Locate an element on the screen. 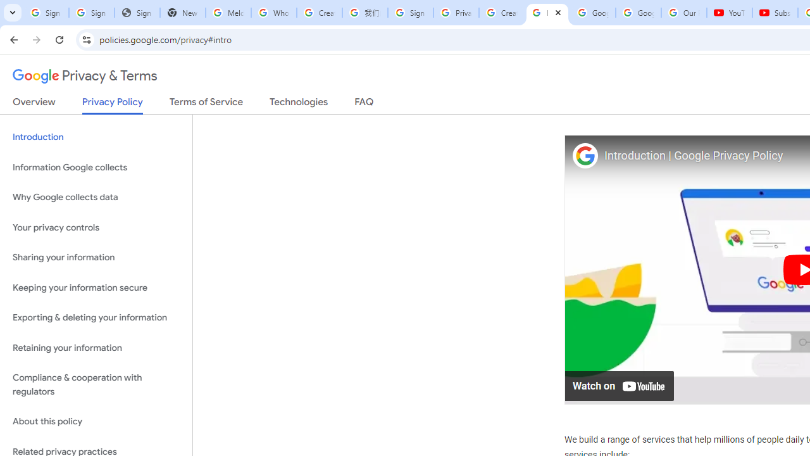 The image size is (810, 456). 'Photo image of Google' is located at coordinates (584, 155).